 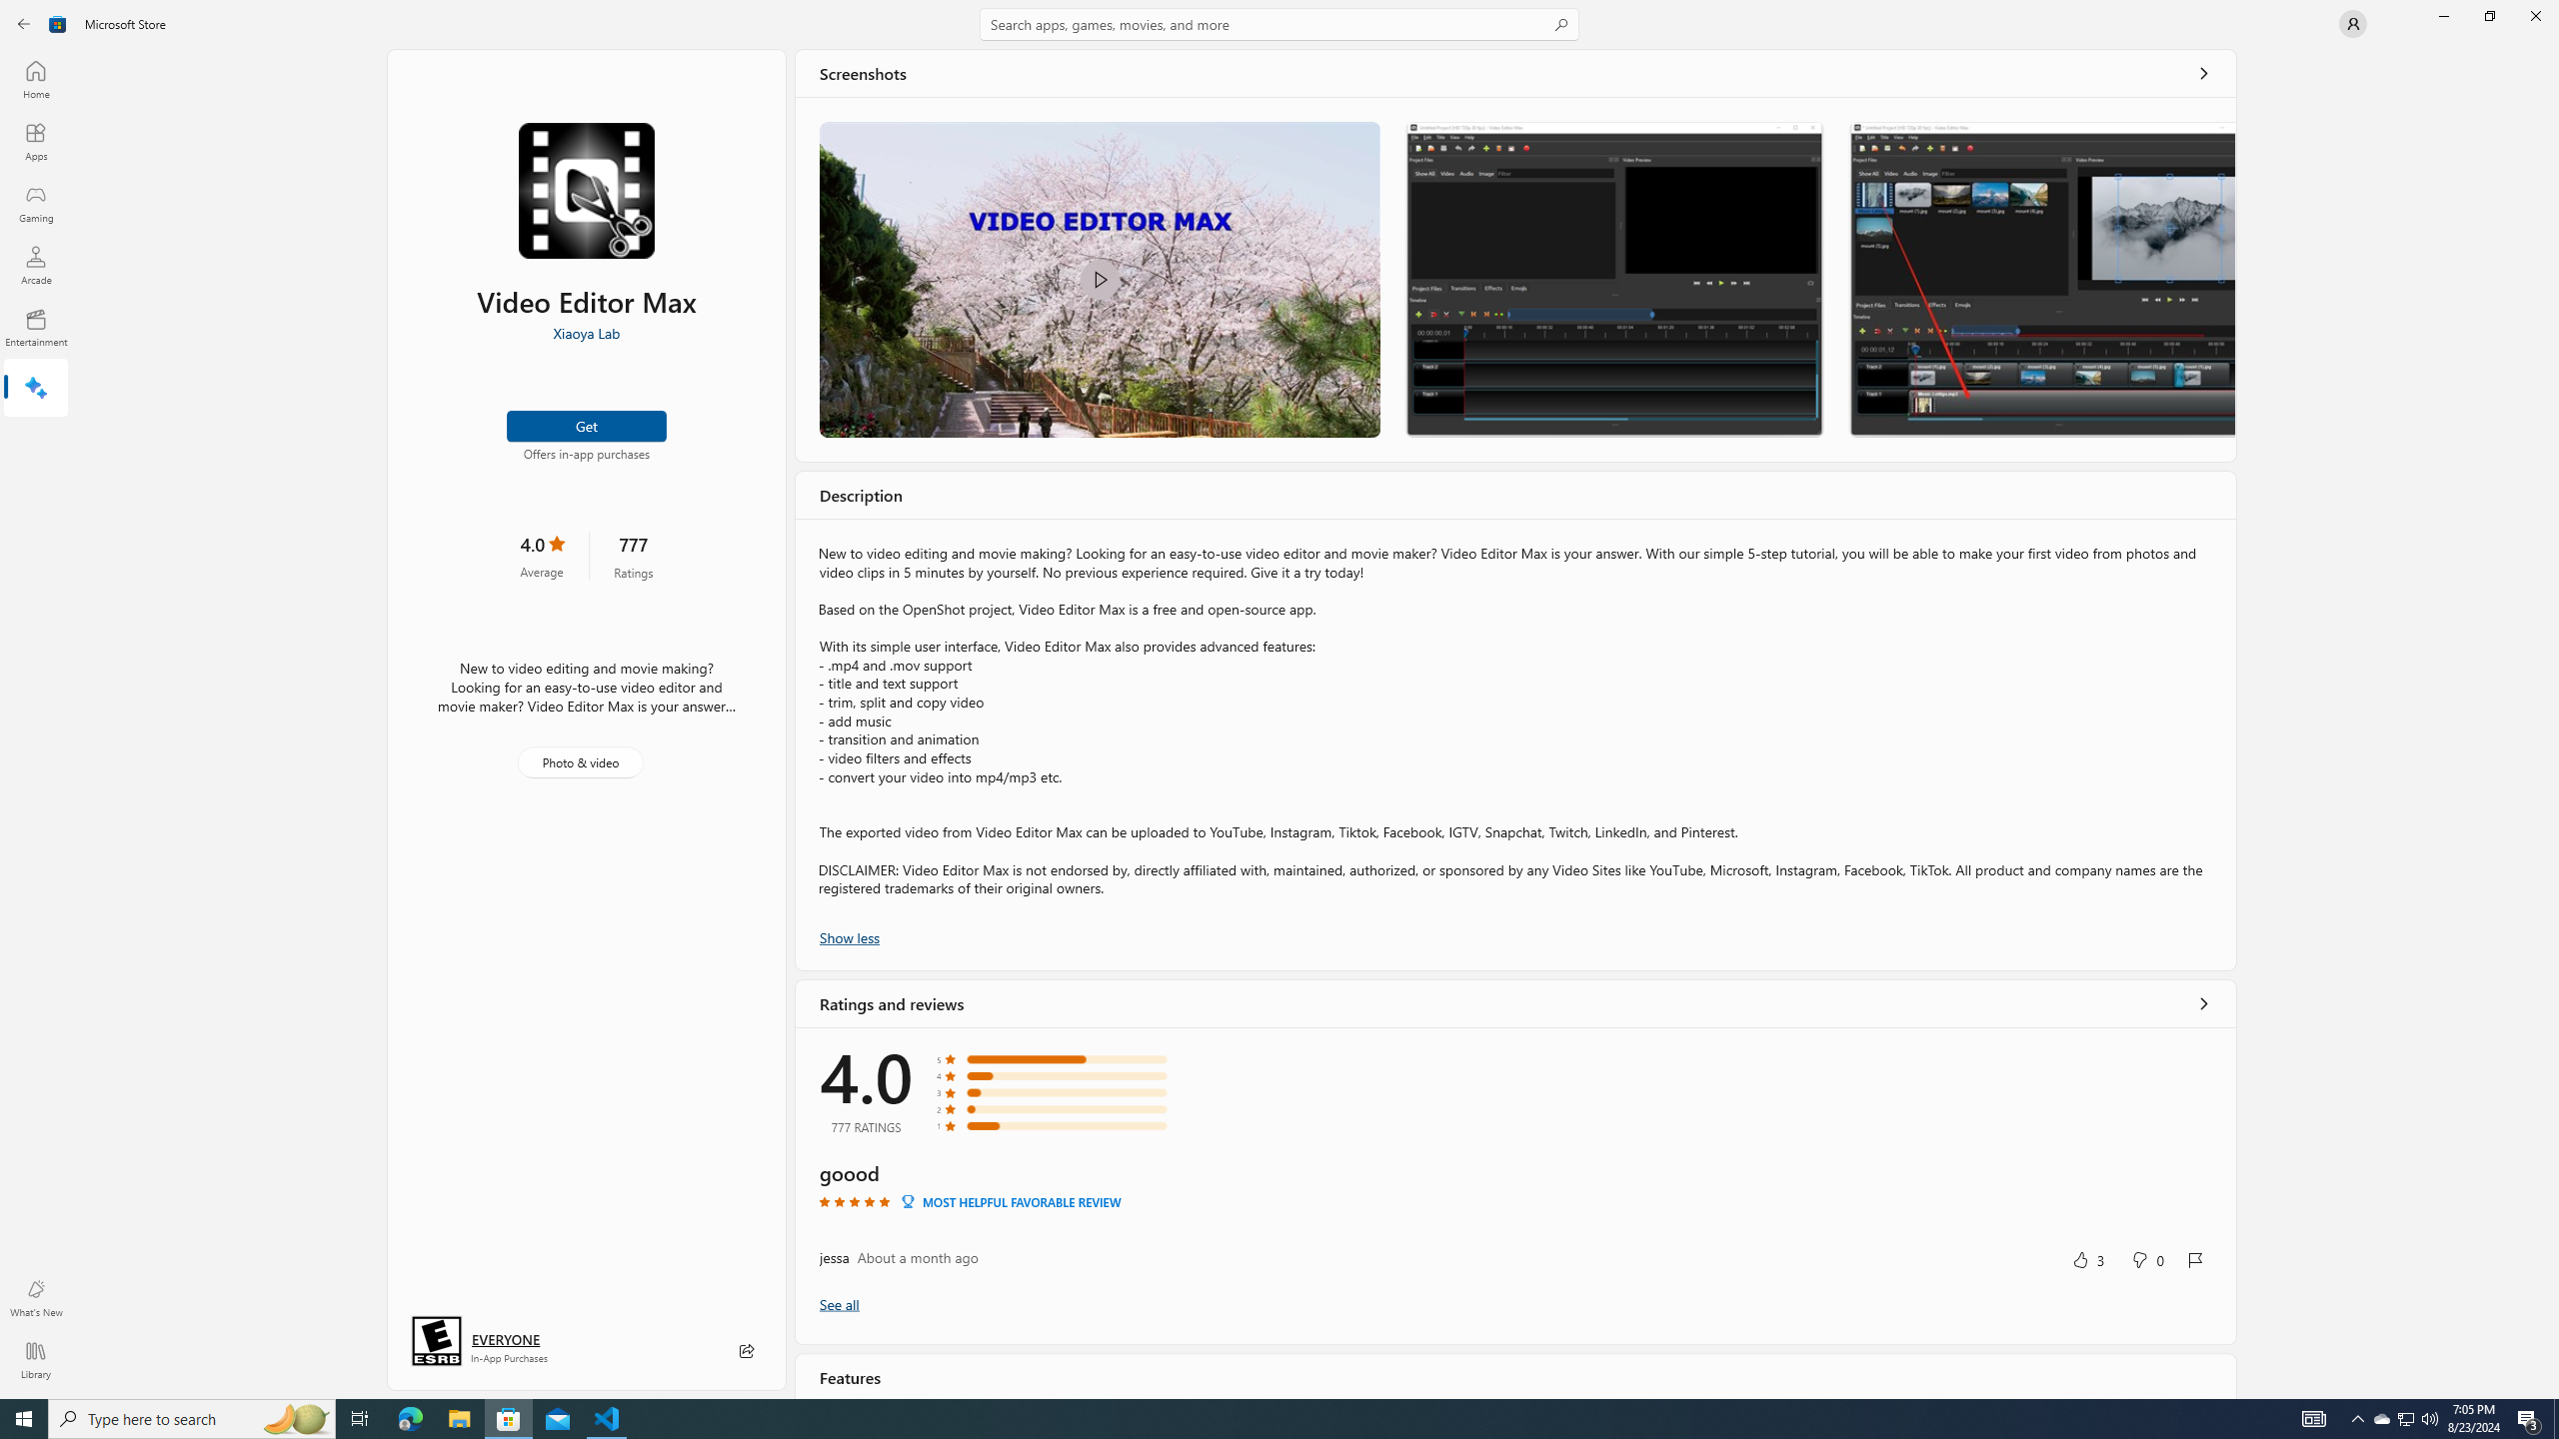 I want to click on 'Arcade', so click(x=34, y=264).